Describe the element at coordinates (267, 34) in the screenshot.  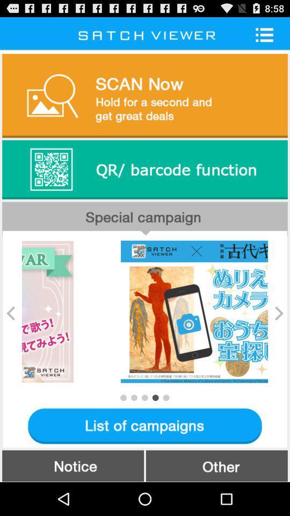
I see `the icon at the top right corner` at that location.